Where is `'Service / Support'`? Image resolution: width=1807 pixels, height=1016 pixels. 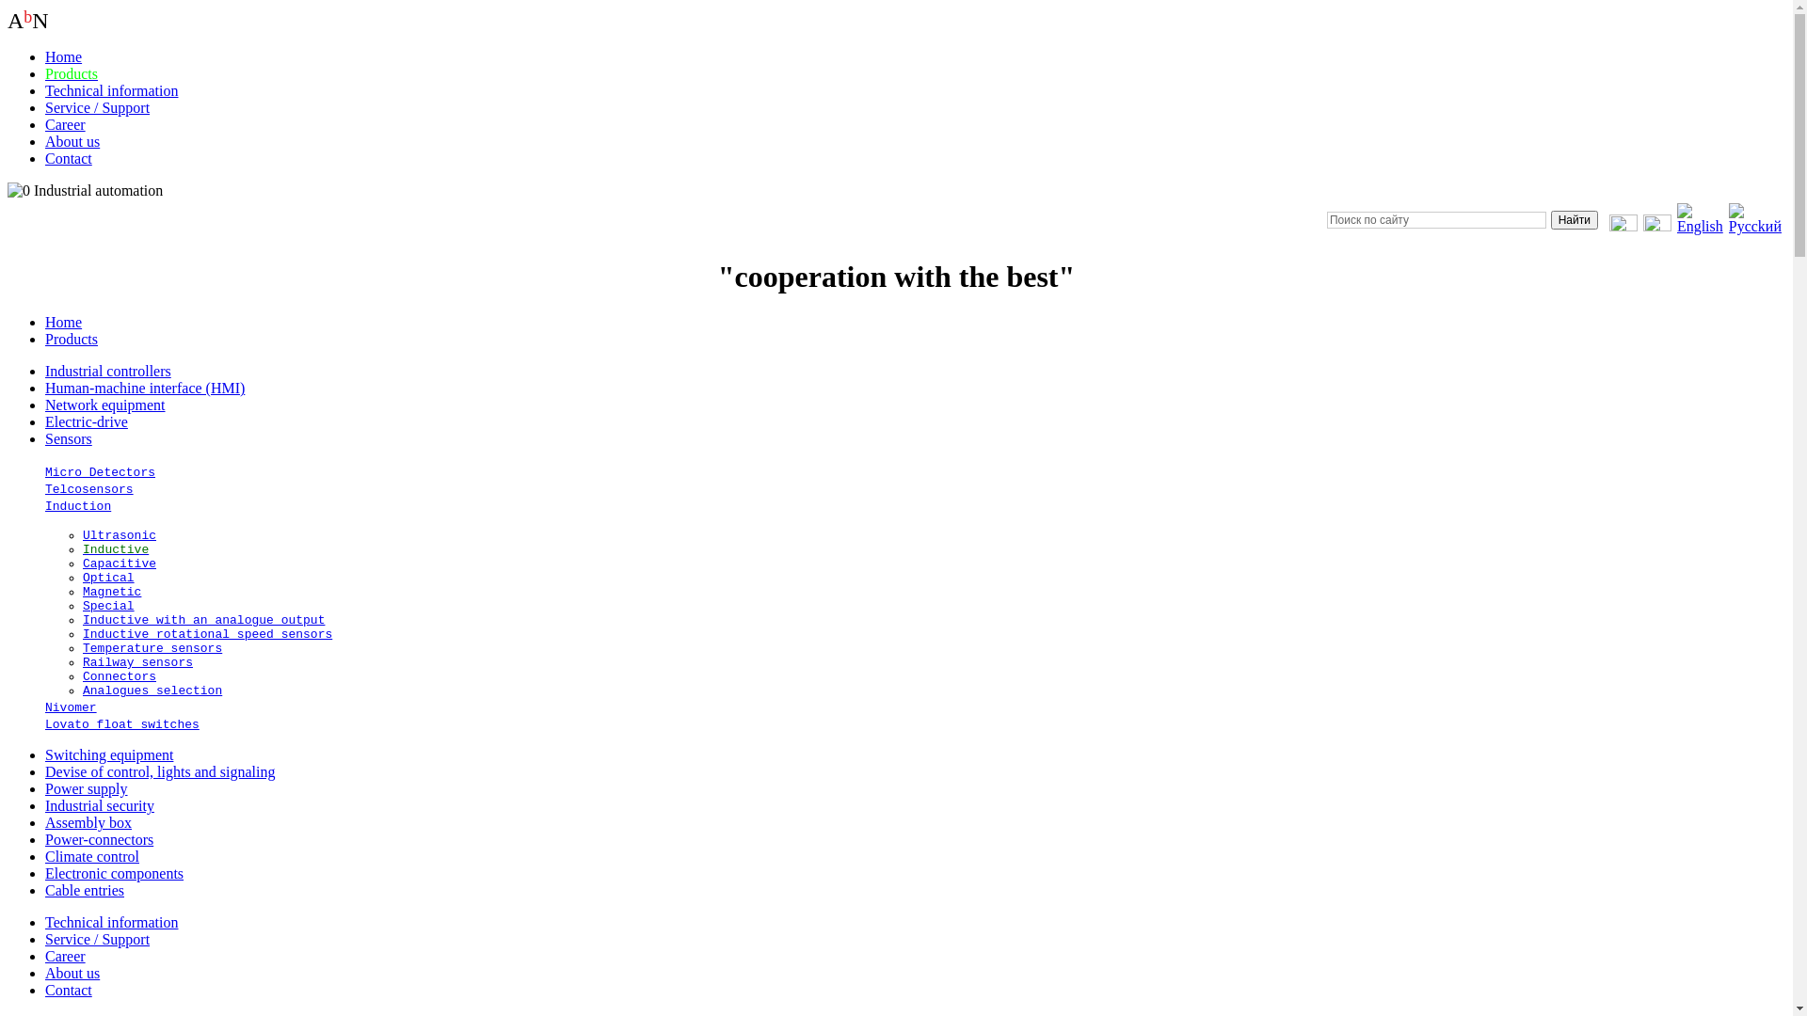 'Service / Support' is located at coordinates (96, 939).